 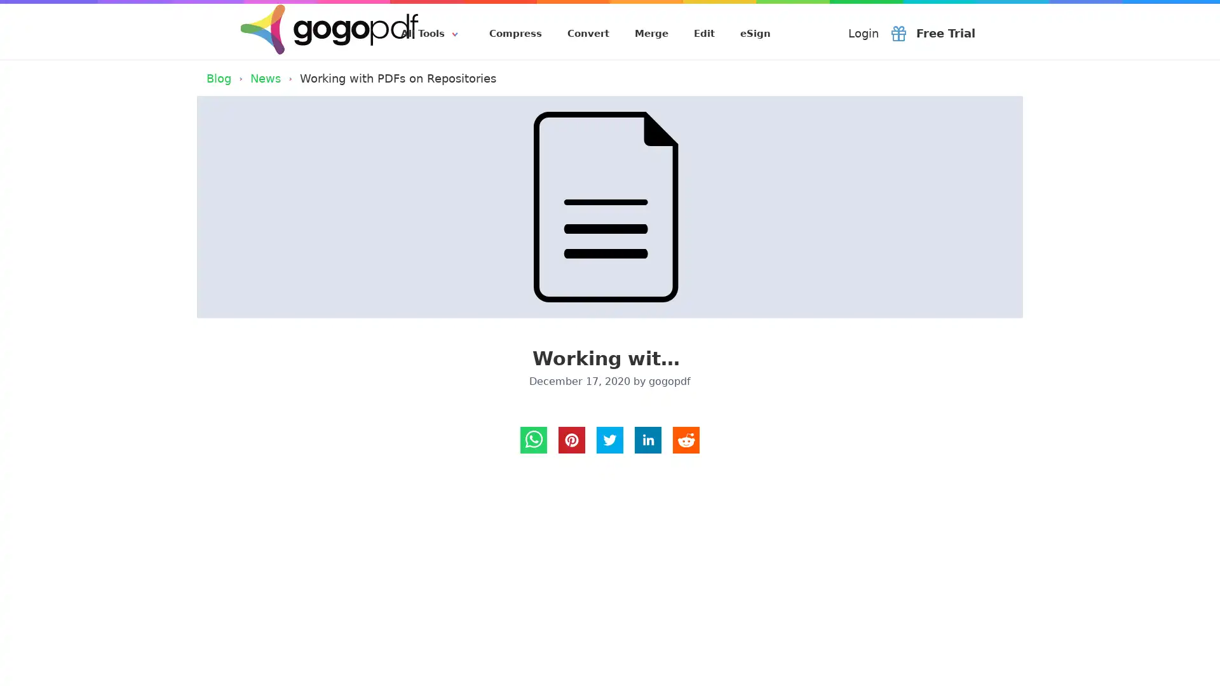 What do you see at coordinates (703, 32) in the screenshot?
I see `Edit` at bounding box center [703, 32].